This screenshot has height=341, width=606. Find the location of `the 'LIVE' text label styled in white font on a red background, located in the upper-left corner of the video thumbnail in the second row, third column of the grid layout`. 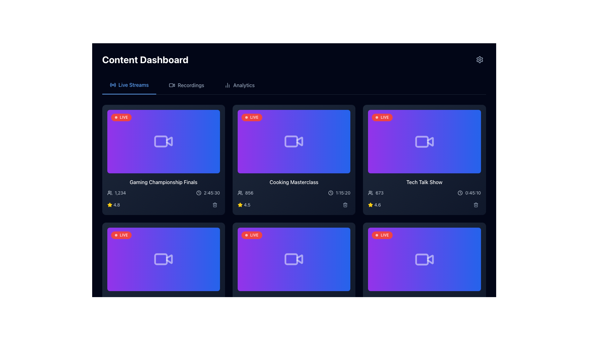

the 'LIVE' text label styled in white font on a red background, located in the upper-left corner of the video thumbnail in the second row, third column of the grid layout is located at coordinates (384, 235).